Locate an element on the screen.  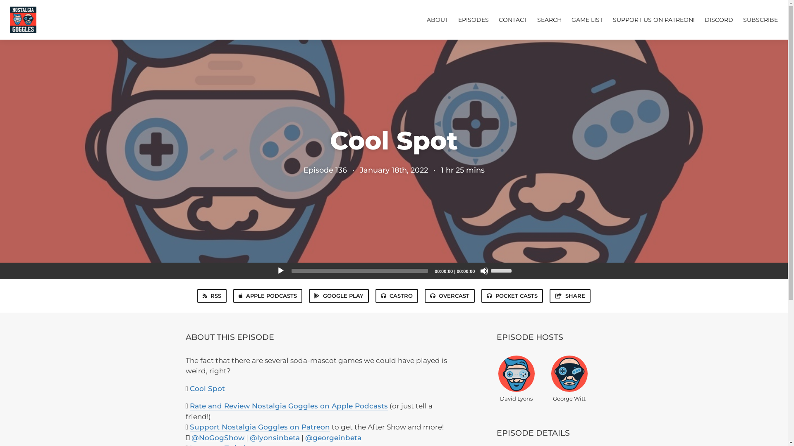
'DISCORD' is located at coordinates (704, 19).